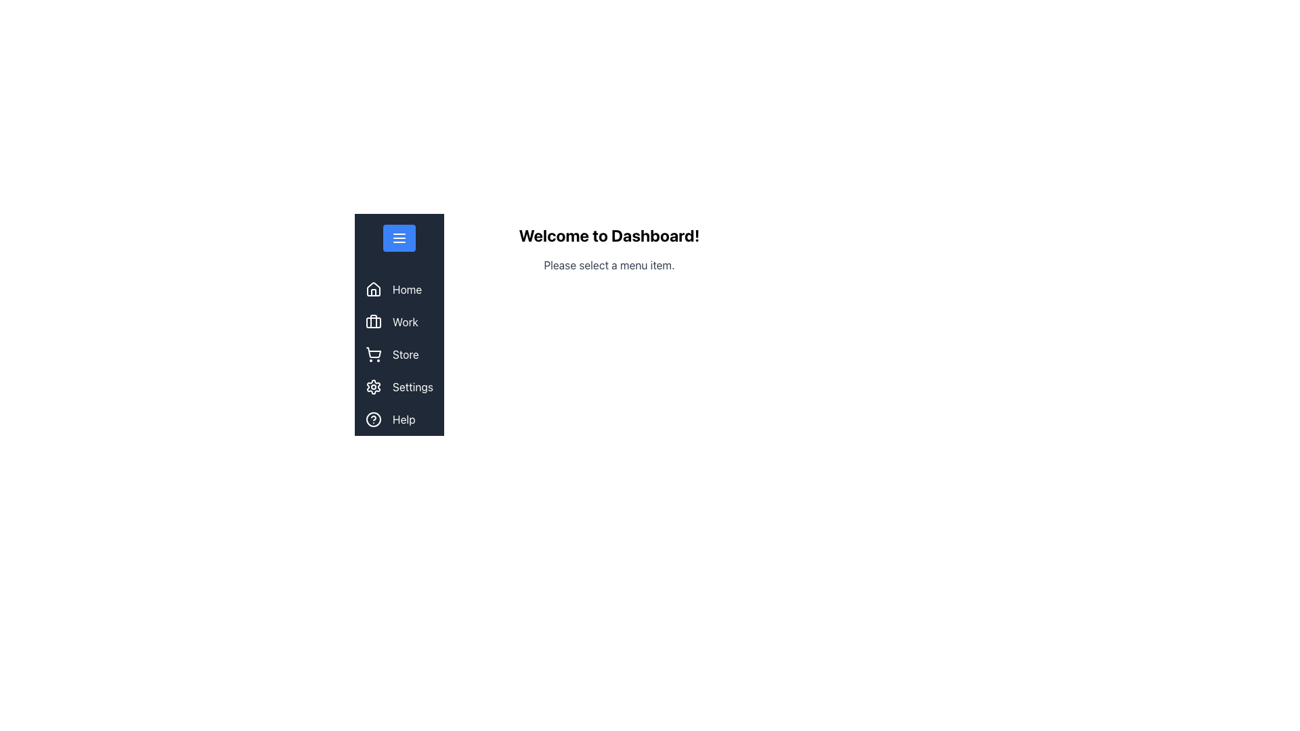 The width and height of the screenshot is (1300, 731). Describe the element at coordinates (399, 354) in the screenshot. I see `the 'Store' option in the vertical navigation menu for keyboard navigation` at that location.